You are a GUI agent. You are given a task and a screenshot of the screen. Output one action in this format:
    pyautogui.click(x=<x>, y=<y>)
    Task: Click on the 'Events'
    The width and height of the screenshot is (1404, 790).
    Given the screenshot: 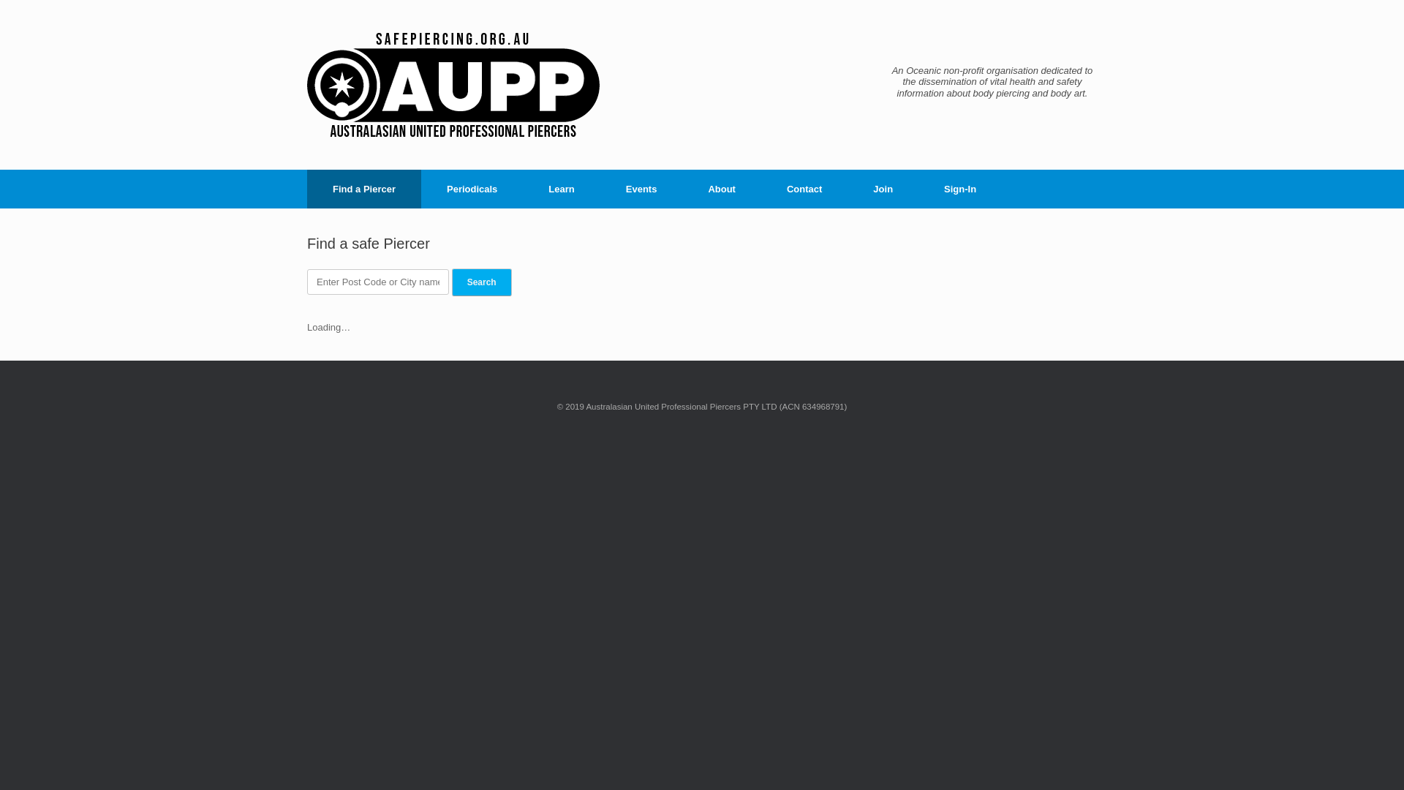 What is the action you would take?
    pyautogui.click(x=600, y=188)
    